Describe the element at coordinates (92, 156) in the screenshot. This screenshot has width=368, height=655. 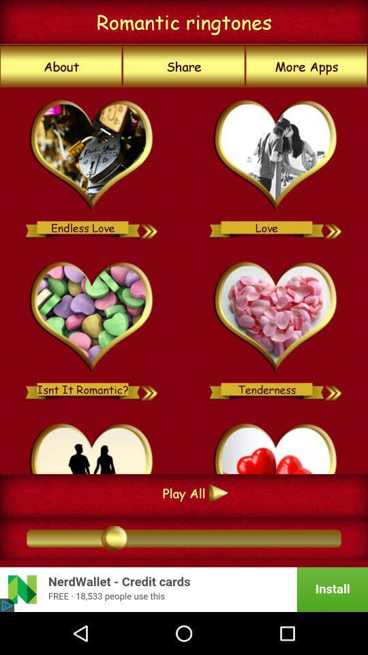
I see `selection` at that location.